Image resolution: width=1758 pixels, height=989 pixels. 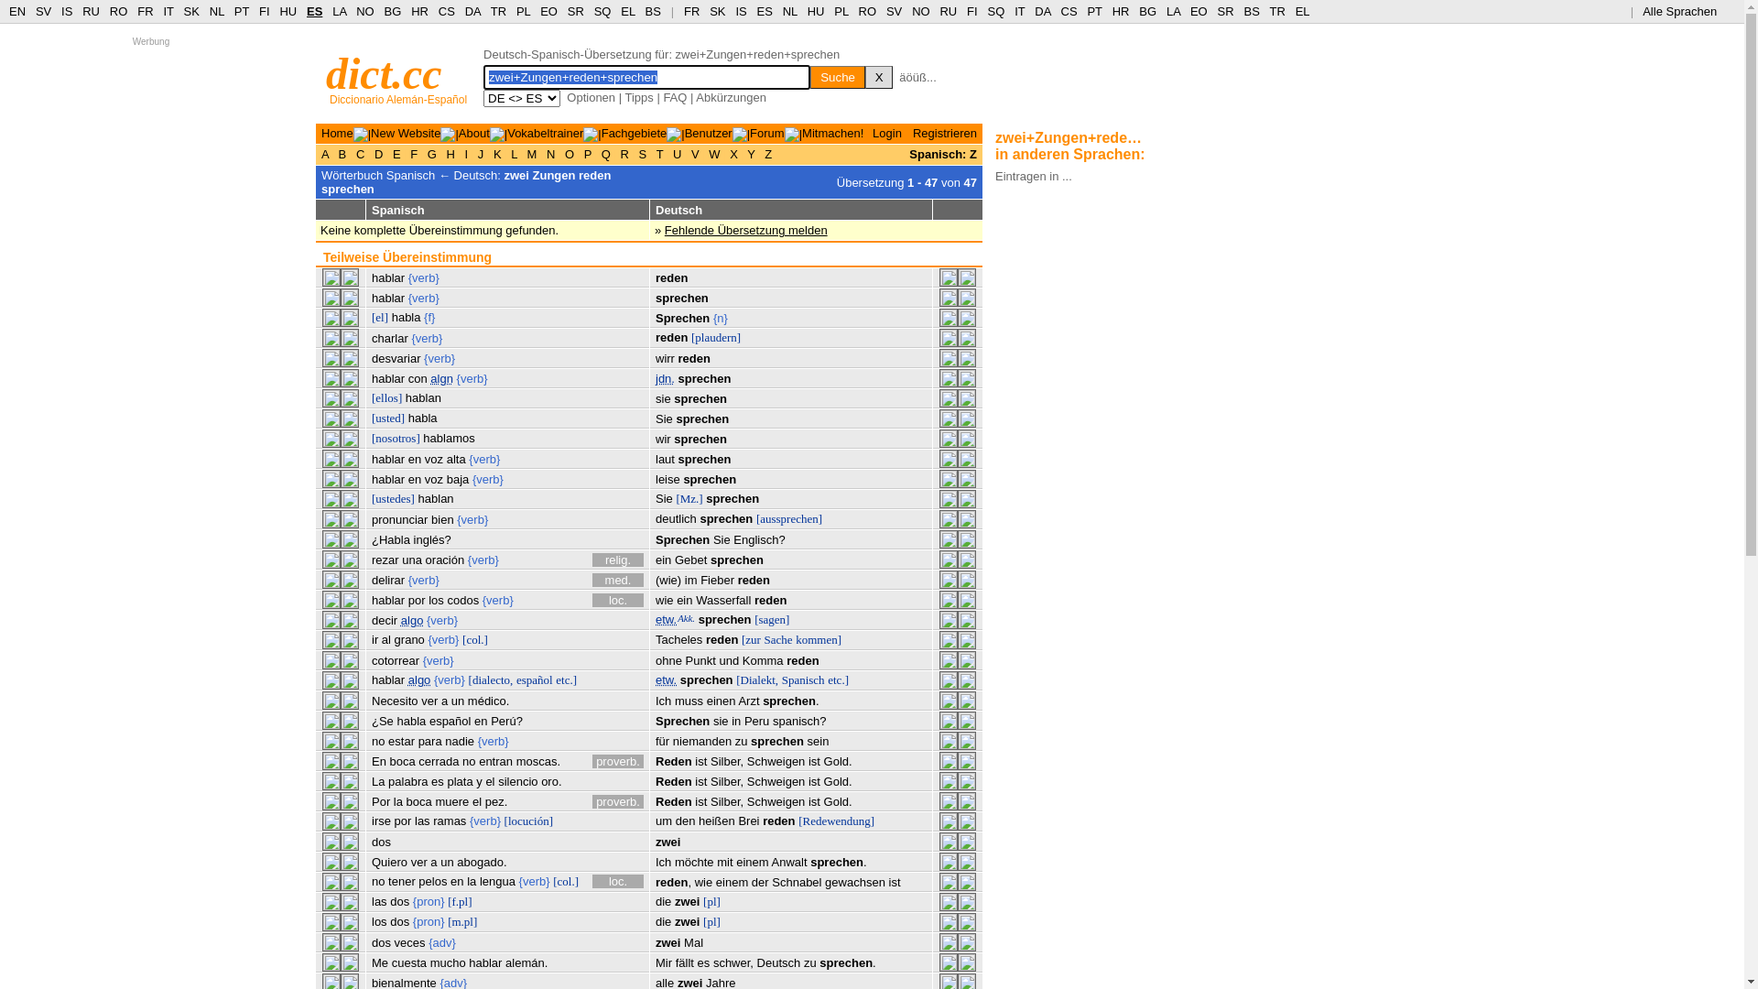 What do you see at coordinates (263, 11) in the screenshot?
I see `'FI'` at bounding box center [263, 11].